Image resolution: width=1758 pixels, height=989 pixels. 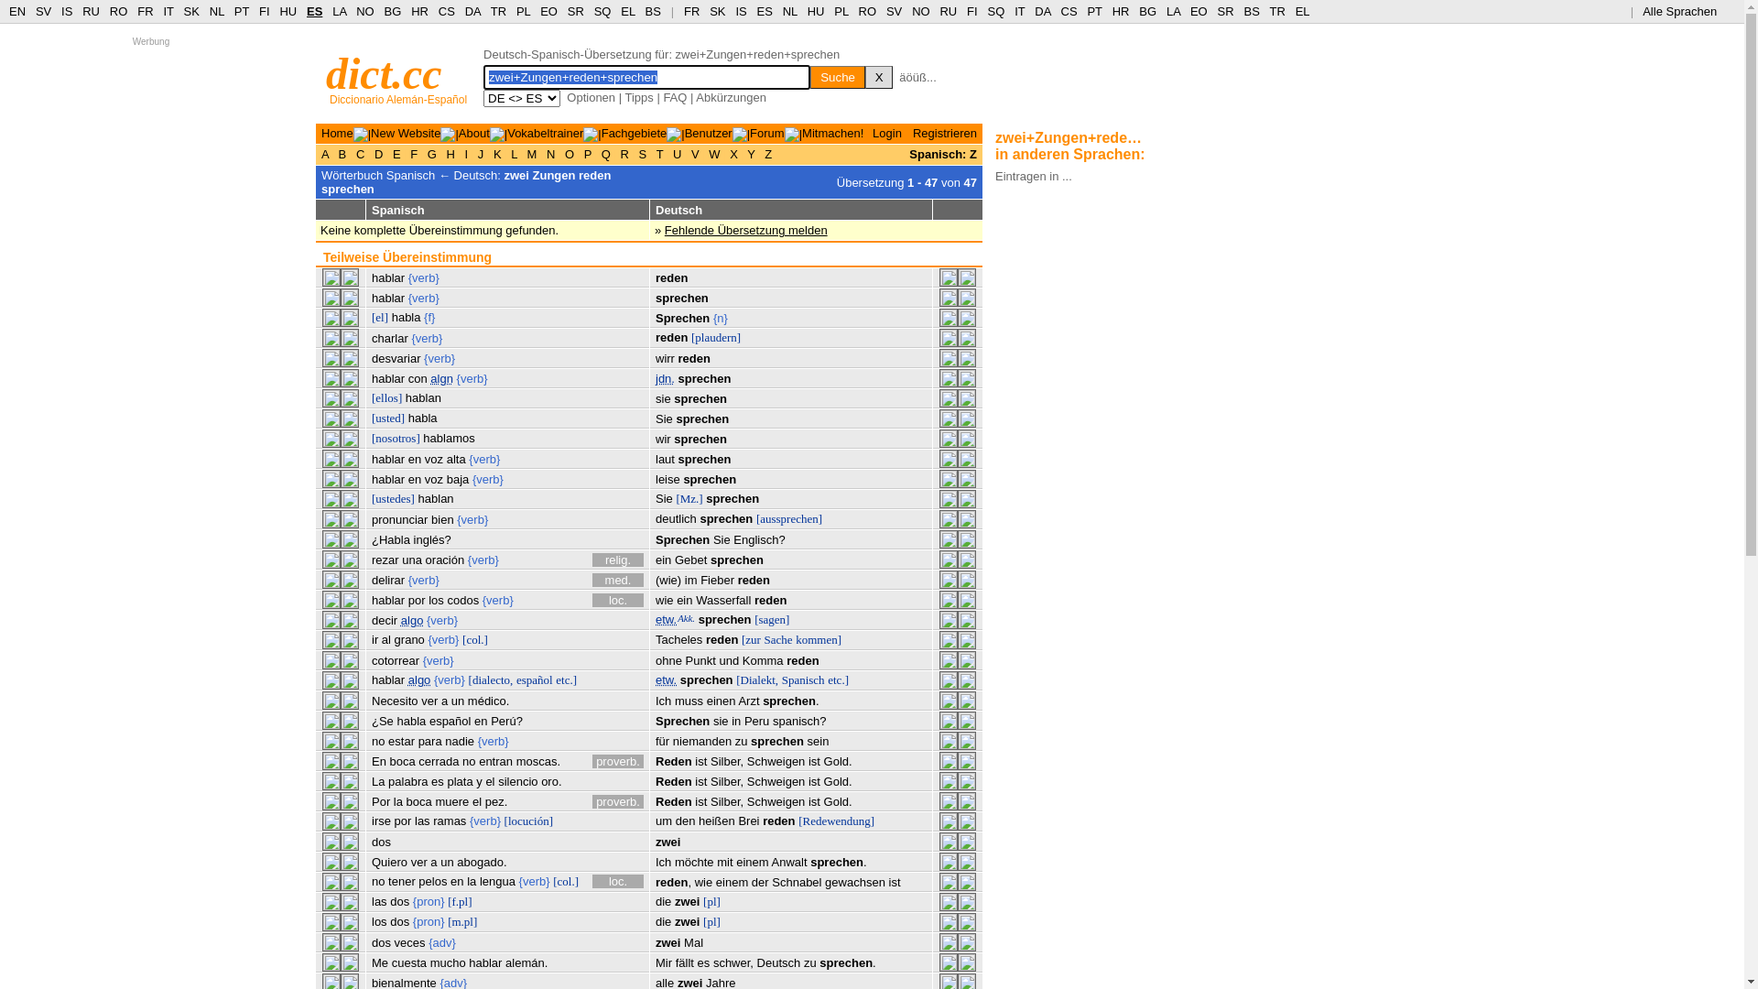 What do you see at coordinates (263, 11) in the screenshot?
I see `'FI'` at bounding box center [263, 11].